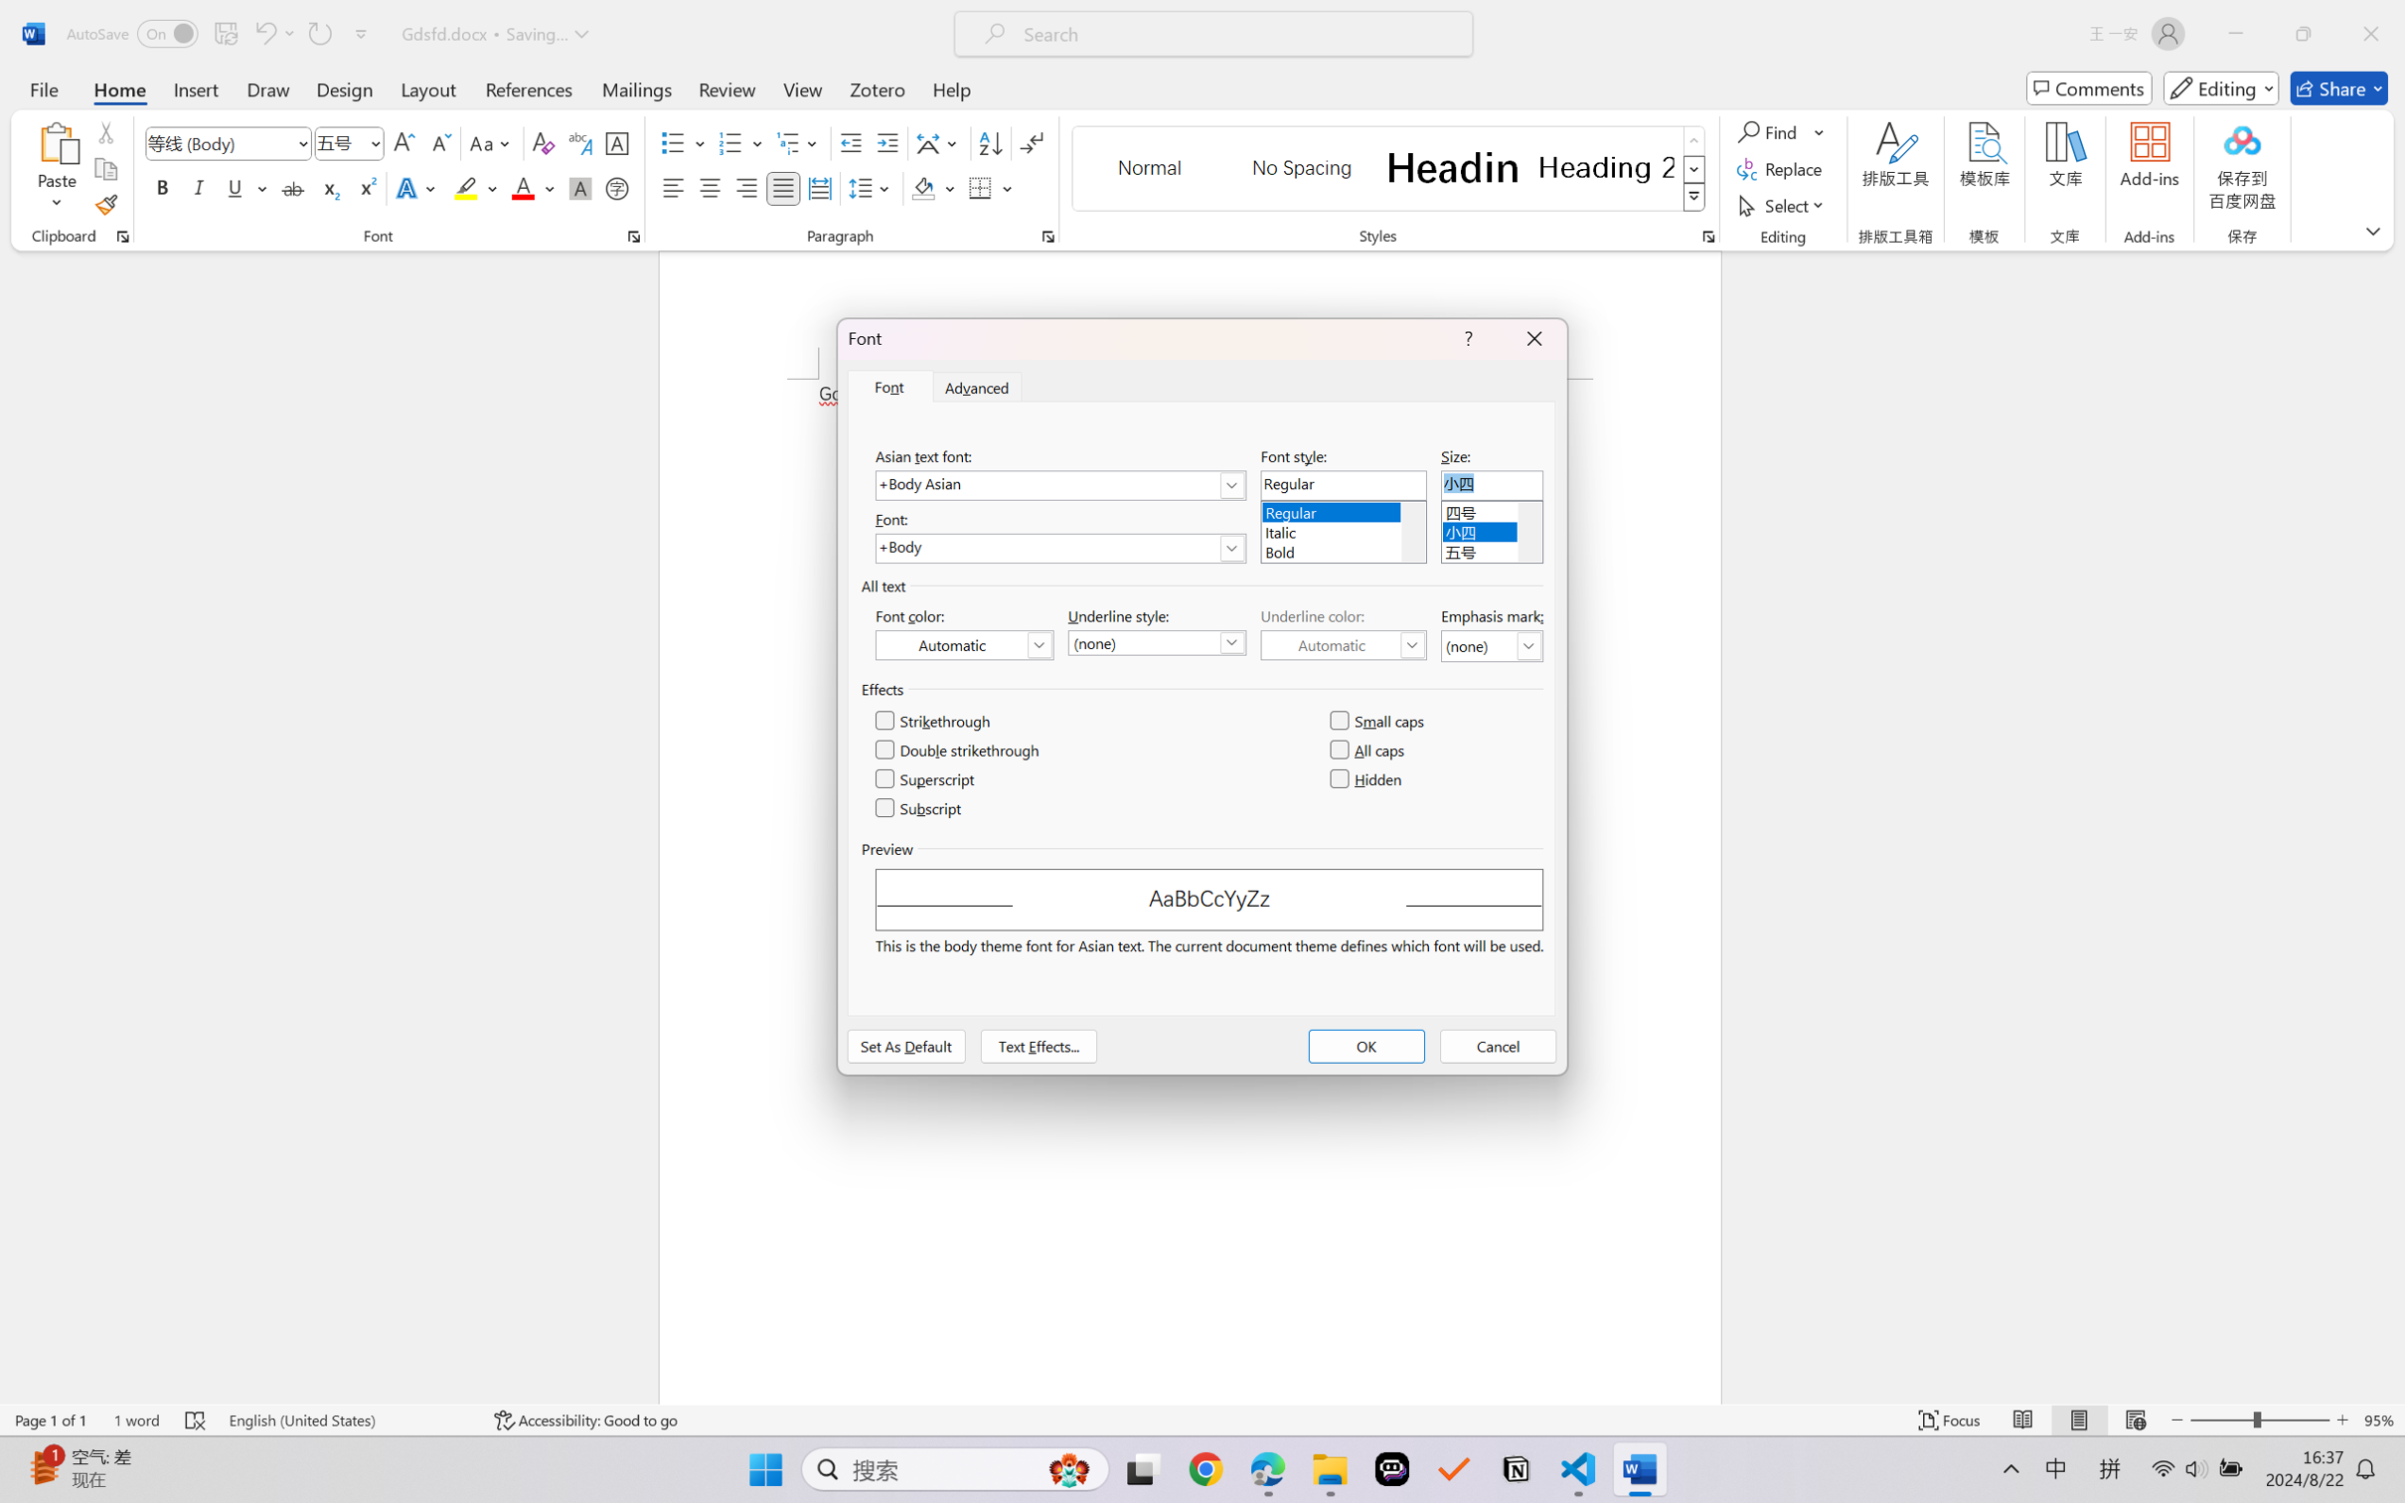 The image size is (2405, 1503). I want to click on 'Decrease Indent', so click(851, 143).